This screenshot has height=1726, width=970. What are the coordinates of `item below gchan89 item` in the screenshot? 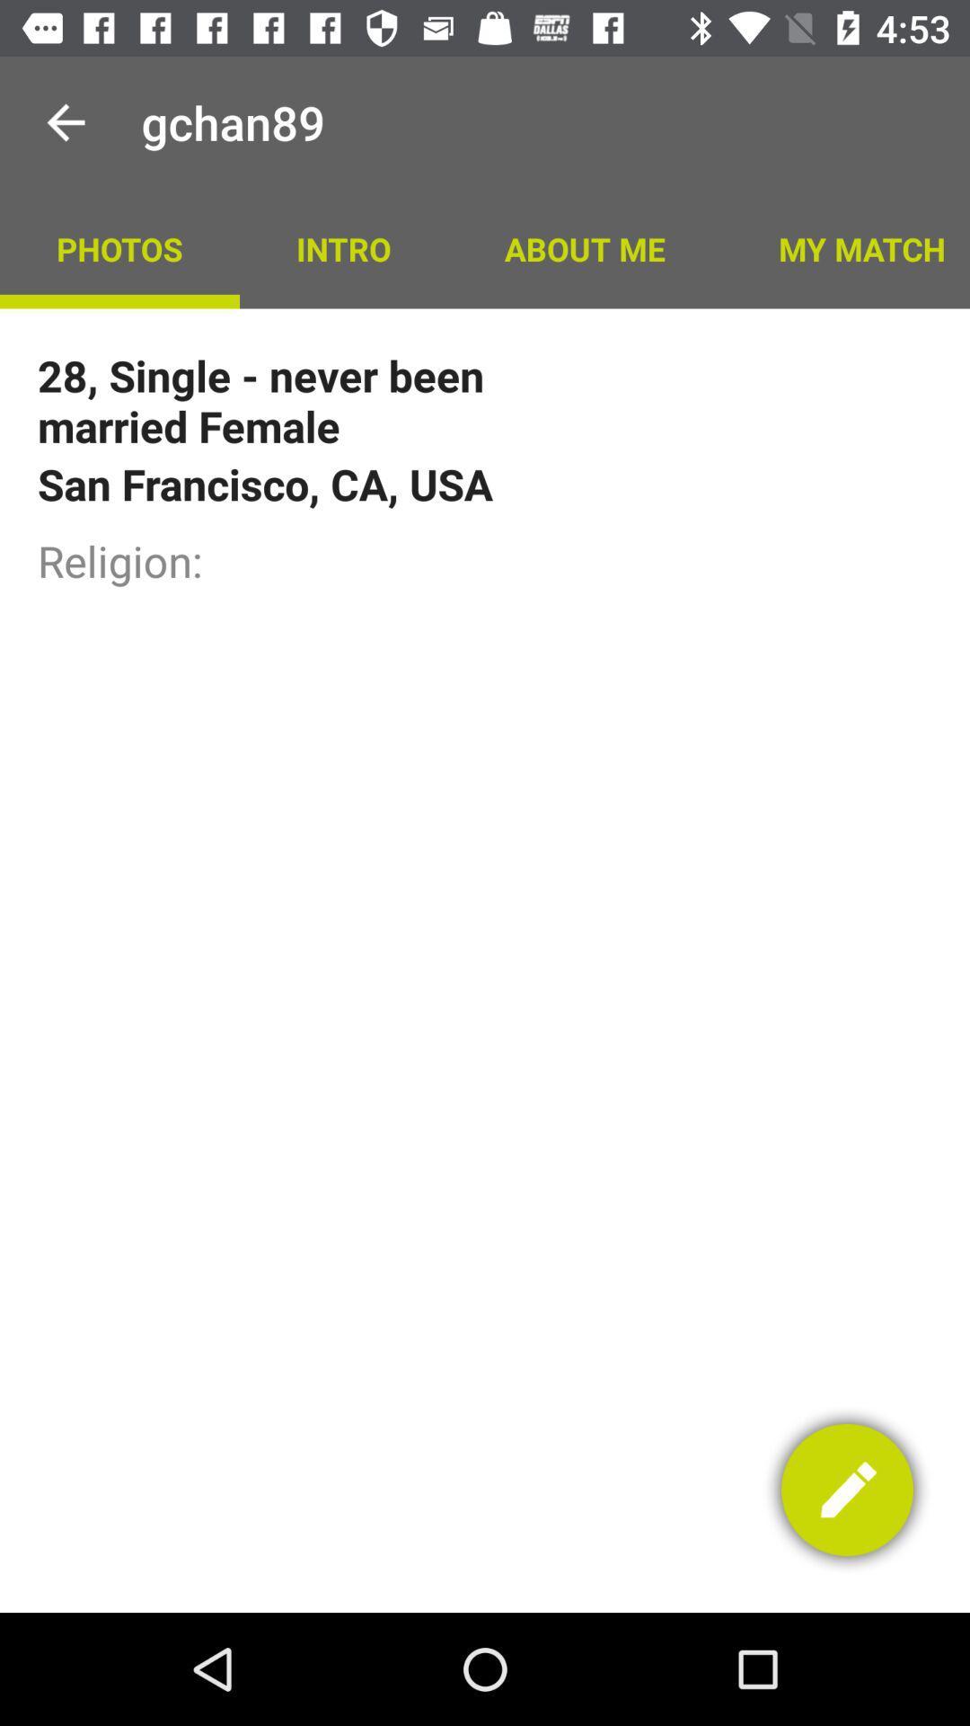 It's located at (343, 247).